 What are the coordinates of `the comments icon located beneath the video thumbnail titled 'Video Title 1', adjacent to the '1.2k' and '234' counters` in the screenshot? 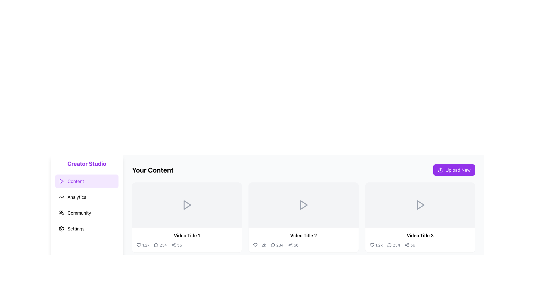 It's located at (156, 245).